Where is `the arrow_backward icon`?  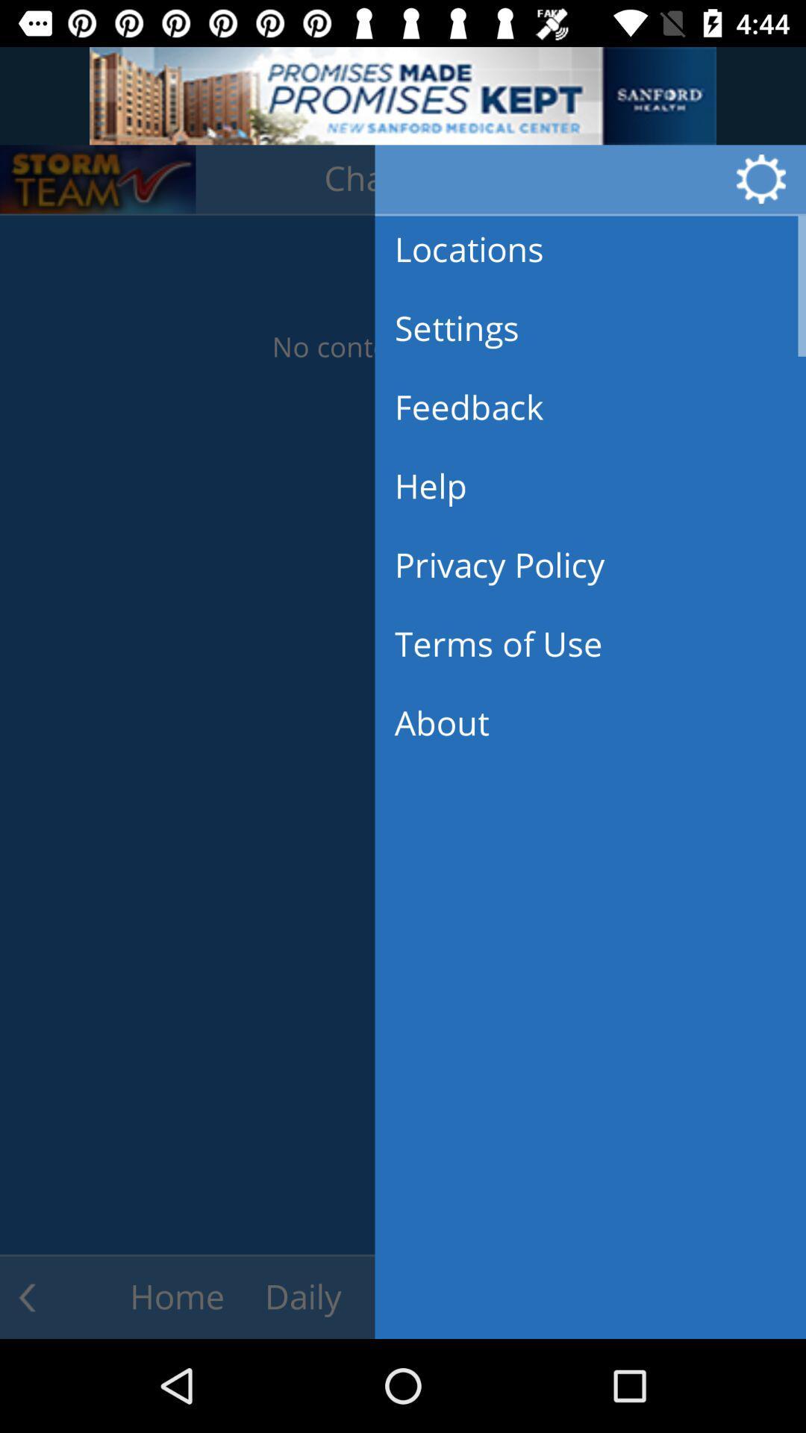 the arrow_backward icon is located at coordinates (27, 1296).